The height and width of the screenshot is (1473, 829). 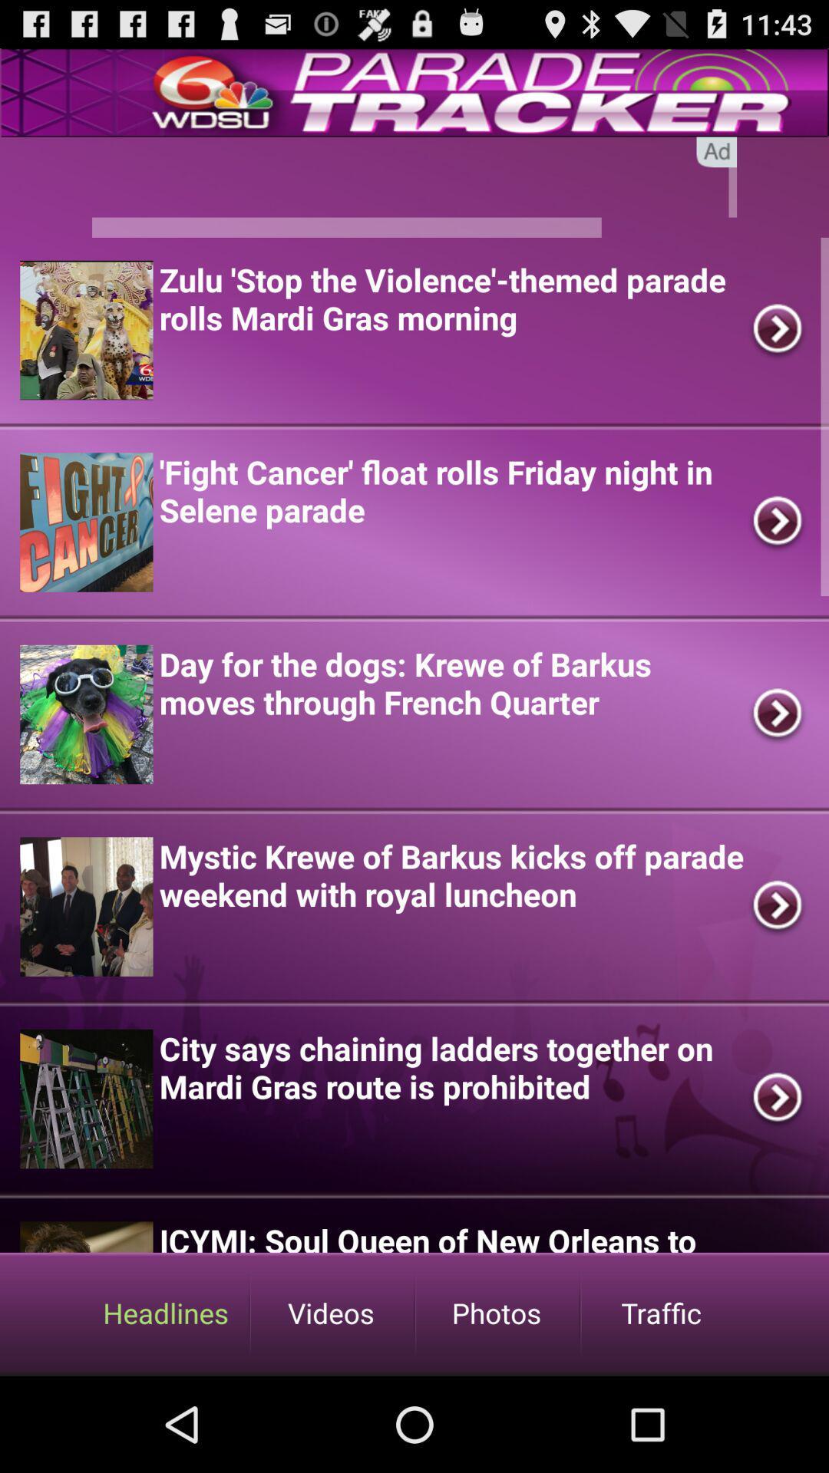 I want to click on the 1st image, so click(x=86, y=329).